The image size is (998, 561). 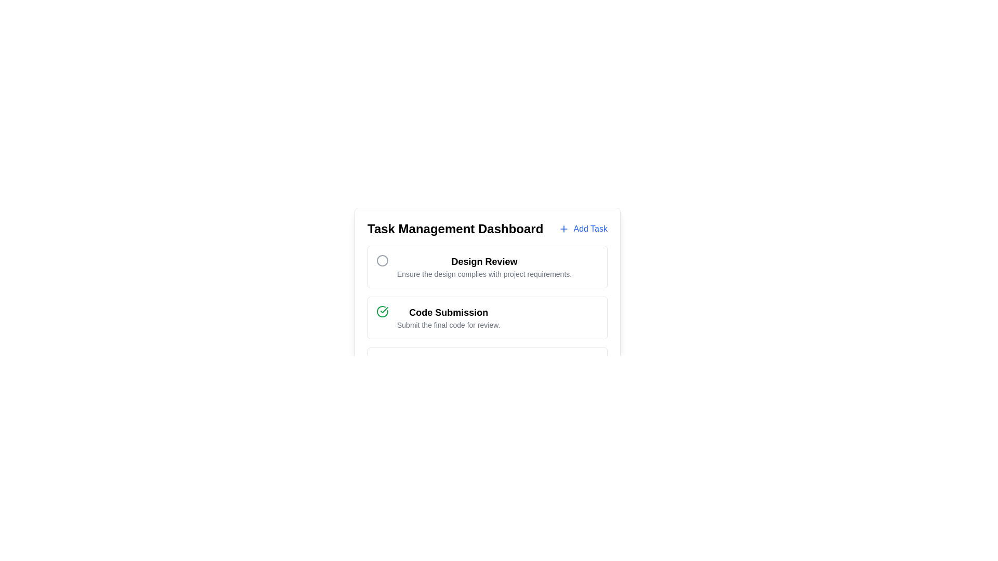 I want to click on the button located to the right of the 'Add Task' text in the top-right corner of the Task Management Dashboard, so click(x=563, y=228).